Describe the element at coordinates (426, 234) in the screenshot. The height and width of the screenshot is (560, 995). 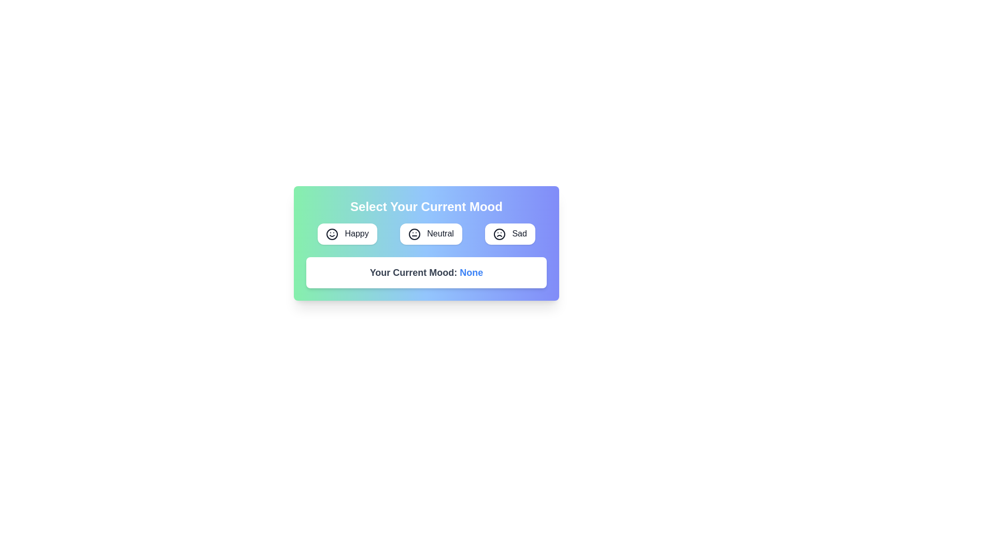
I see `the Grouped segmented control buttons displaying options 'Happy', 'Neutral', and 'Sad'` at that location.